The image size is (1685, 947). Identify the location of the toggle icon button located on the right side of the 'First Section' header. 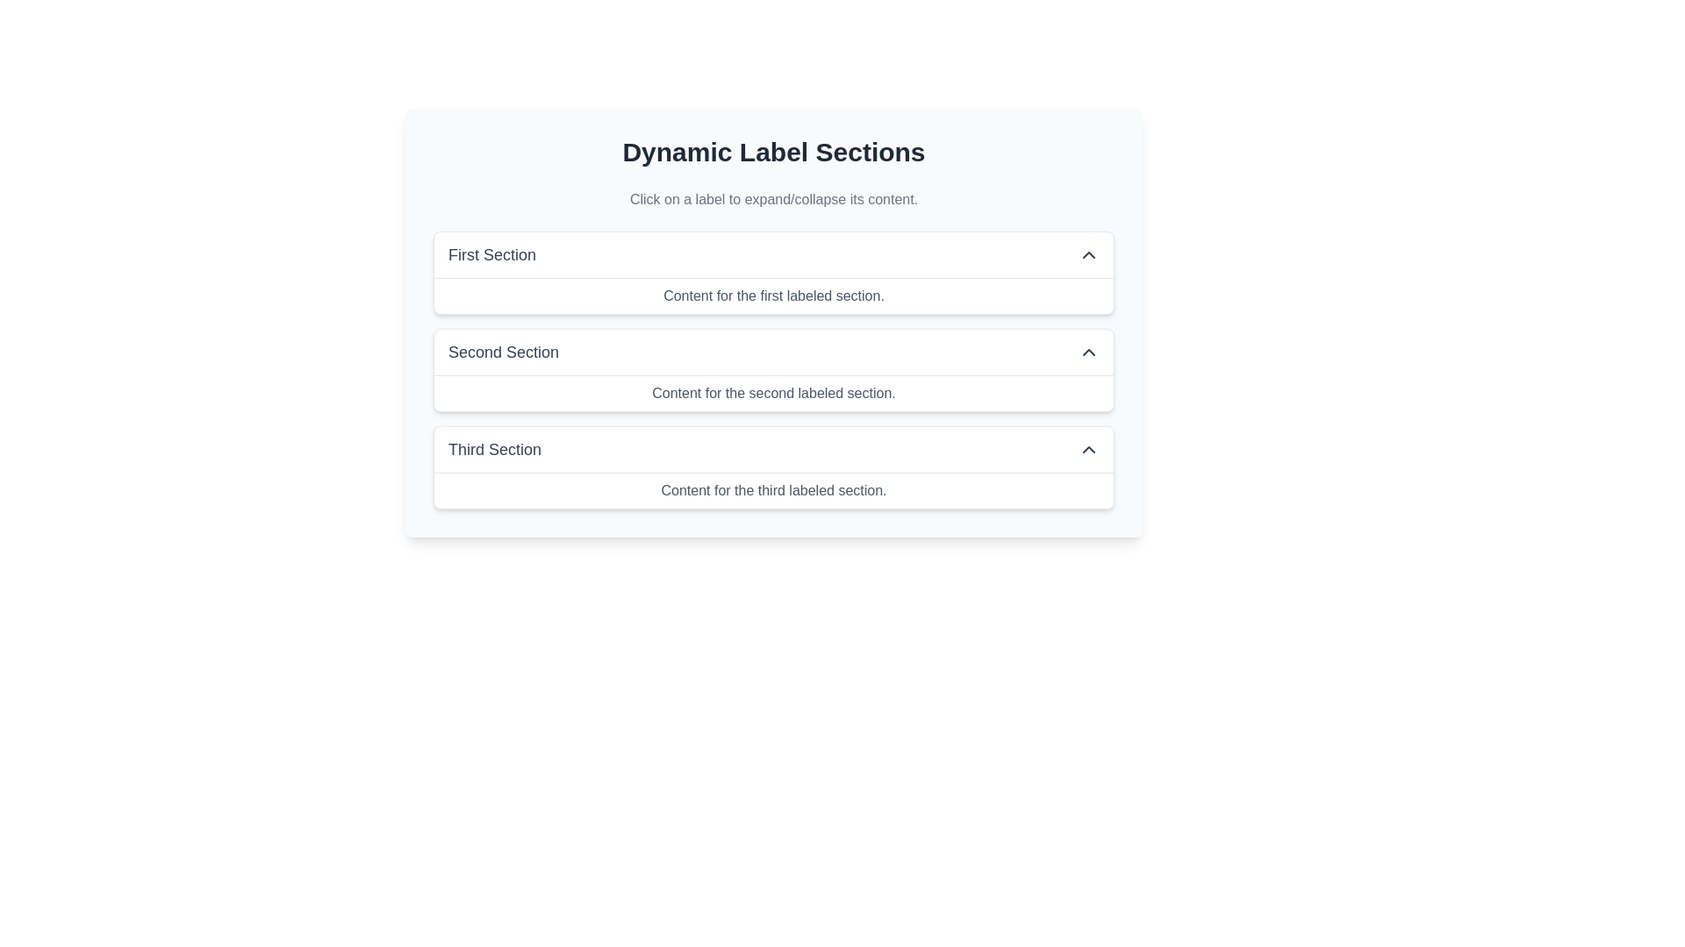
(1088, 254).